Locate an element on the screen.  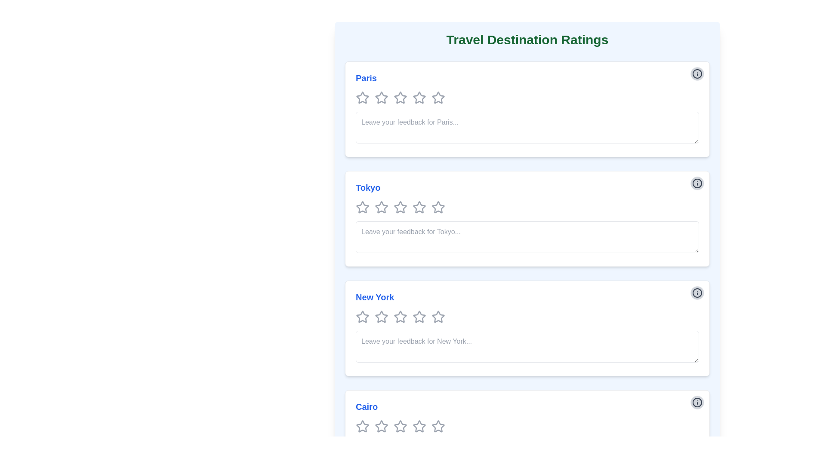
the third star in the 5-star rating component below the 'New York' header to rate is located at coordinates (400, 317).